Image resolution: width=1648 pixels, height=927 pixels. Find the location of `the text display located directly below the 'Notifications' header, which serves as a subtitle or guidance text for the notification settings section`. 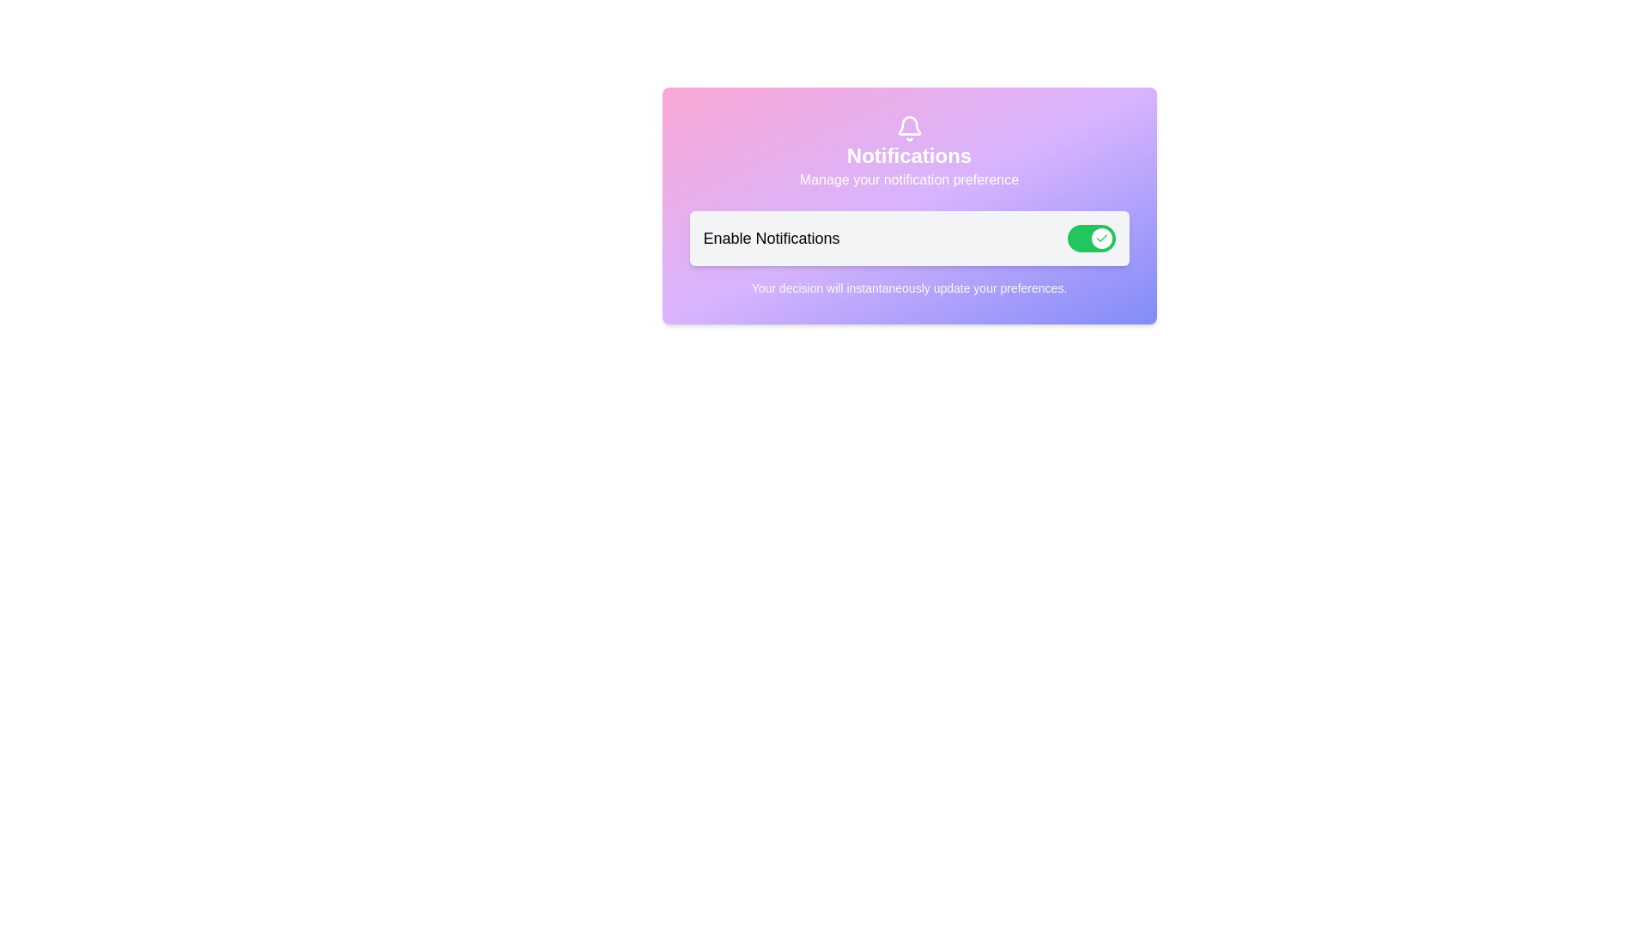

the text display located directly below the 'Notifications' header, which serves as a subtitle or guidance text for the notification settings section is located at coordinates (908, 179).